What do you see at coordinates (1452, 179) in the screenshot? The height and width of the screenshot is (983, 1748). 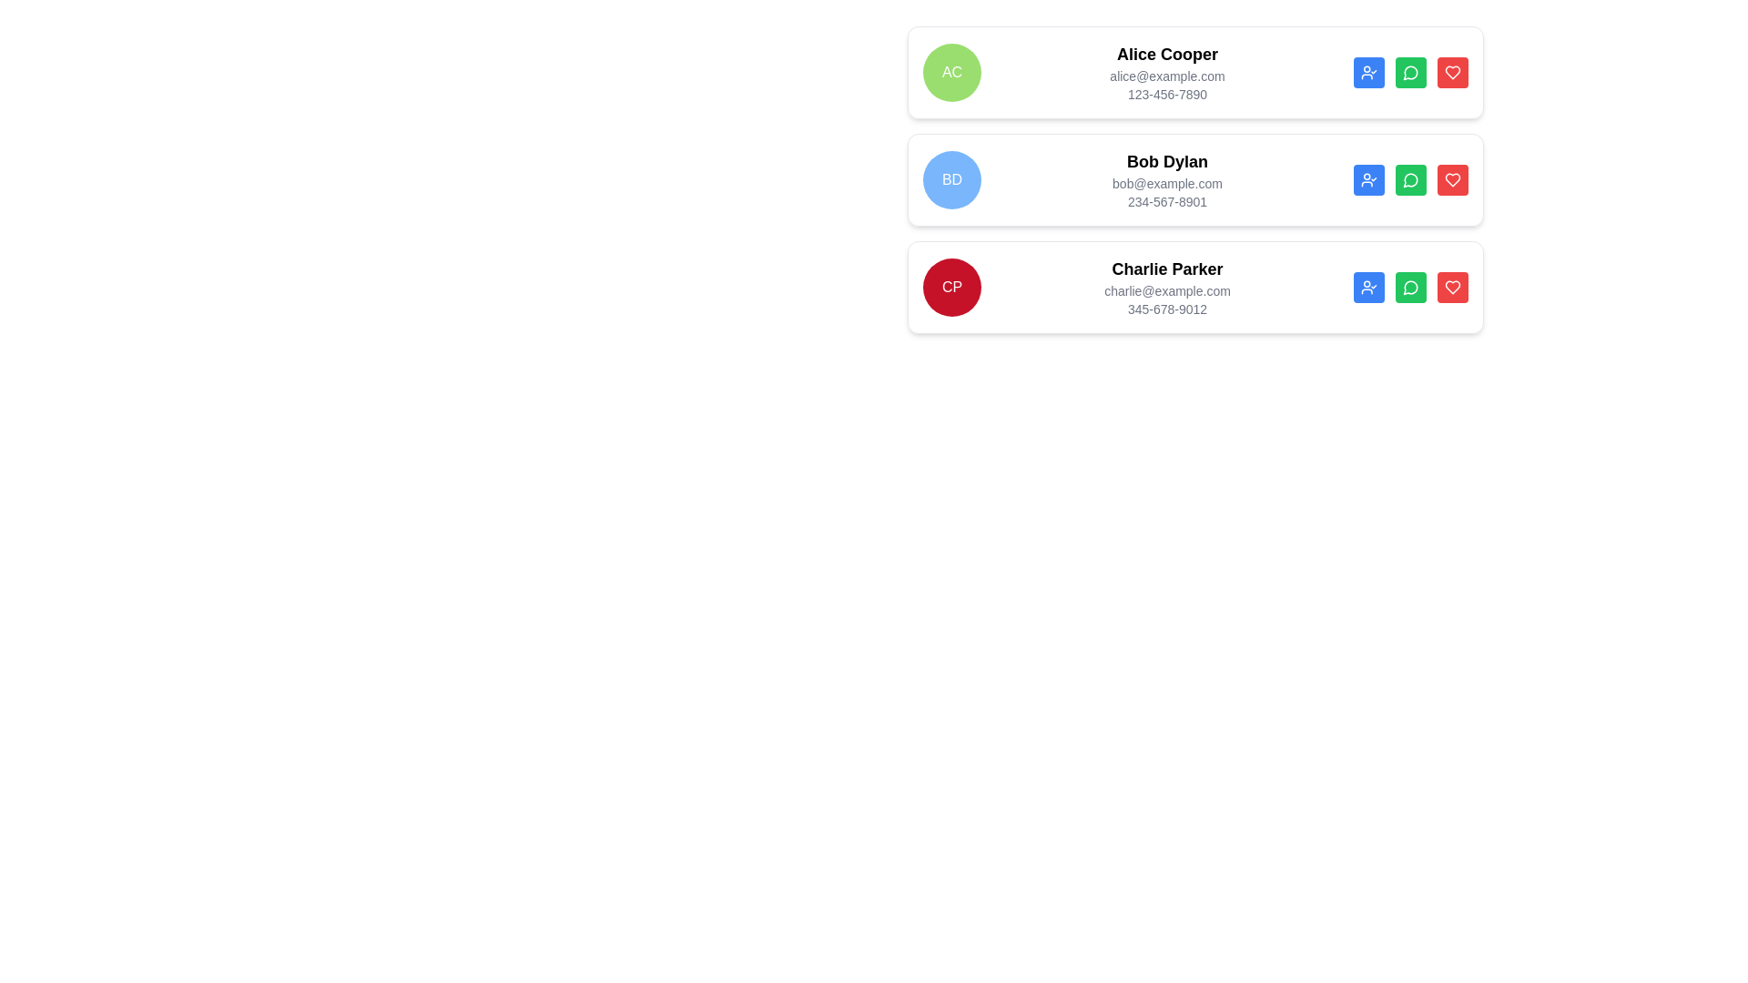 I see `the icon button on the 'Charlie Parker' user card located at the far right end of the interactive buttons` at bounding box center [1452, 179].